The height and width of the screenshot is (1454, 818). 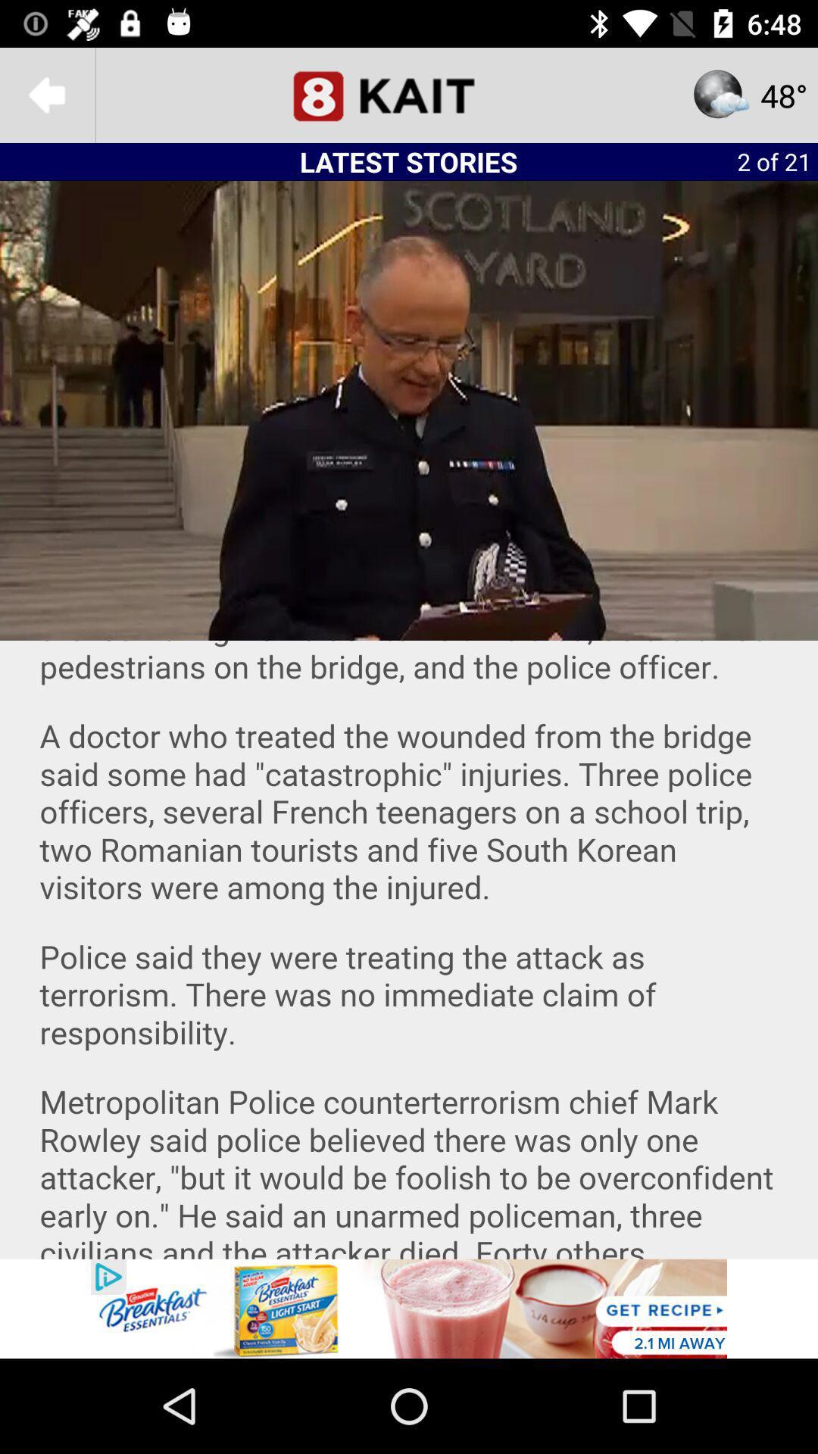 I want to click on banner advertisement for breakfast essintials, so click(x=409, y=1308).